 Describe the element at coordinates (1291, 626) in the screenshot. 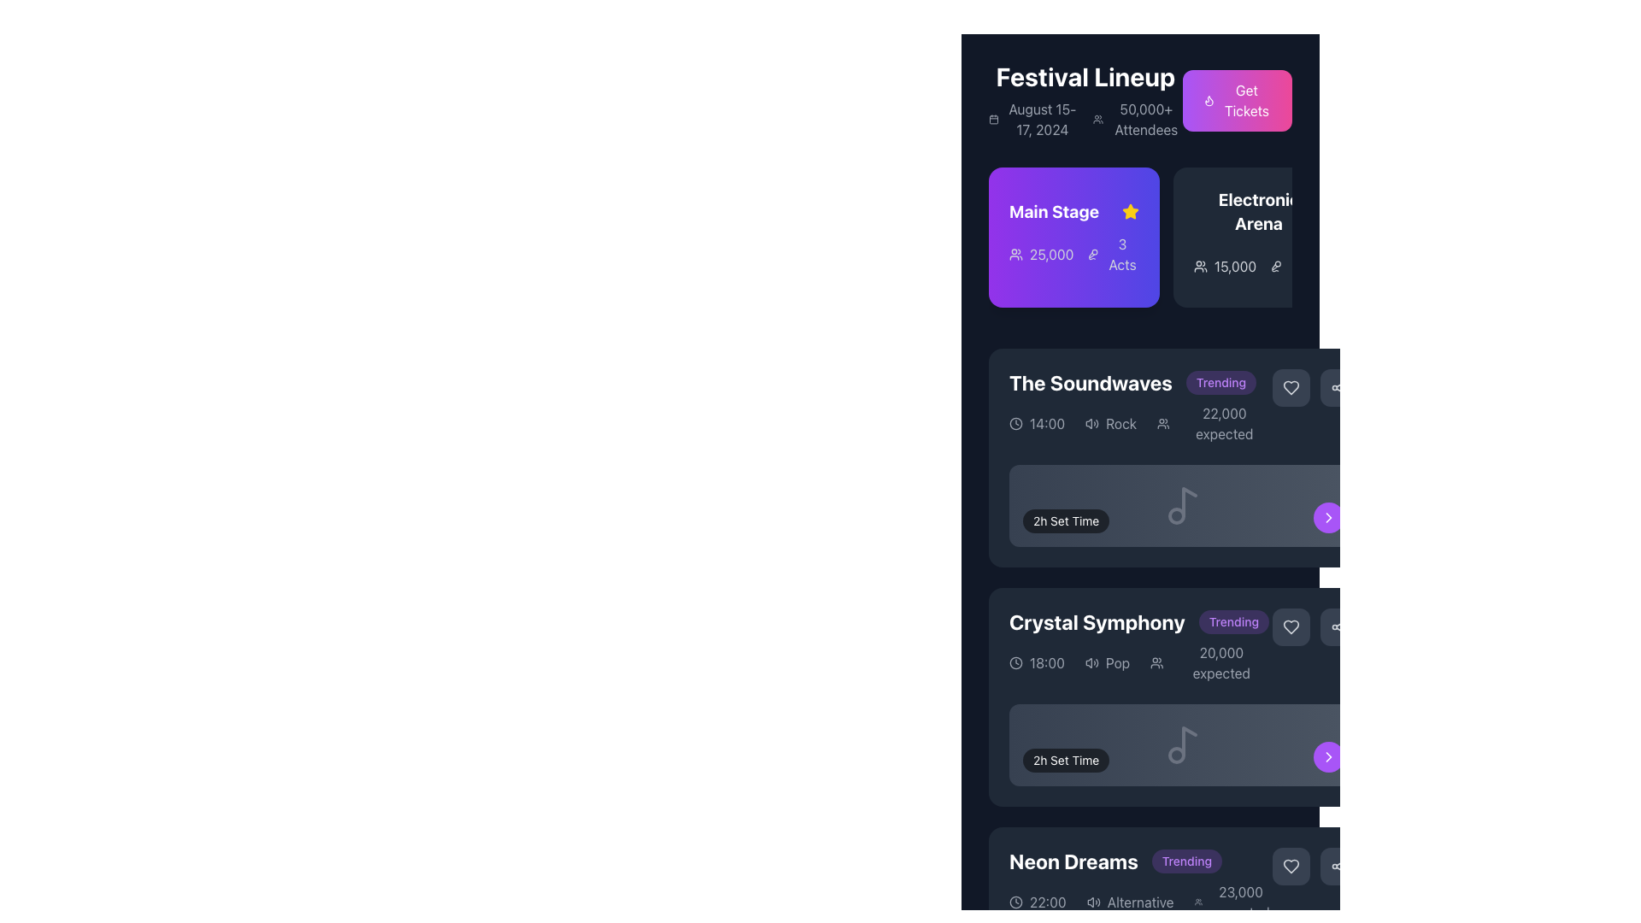

I see `the heart-shaped icon outlined in white located in the 'Crystal Symphony' section to mark it as favorite or like` at that location.